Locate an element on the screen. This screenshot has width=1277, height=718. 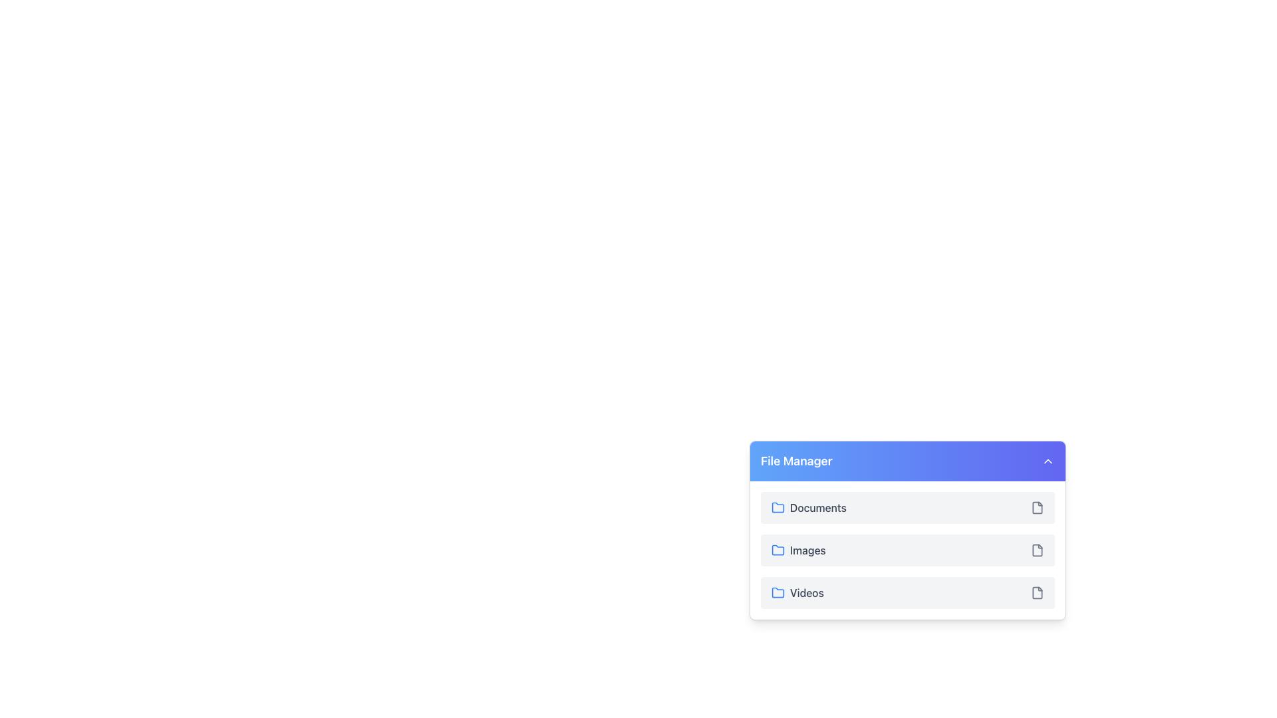
on the 'Images' list item located in the File Manager section is located at coordinates (907, 561).